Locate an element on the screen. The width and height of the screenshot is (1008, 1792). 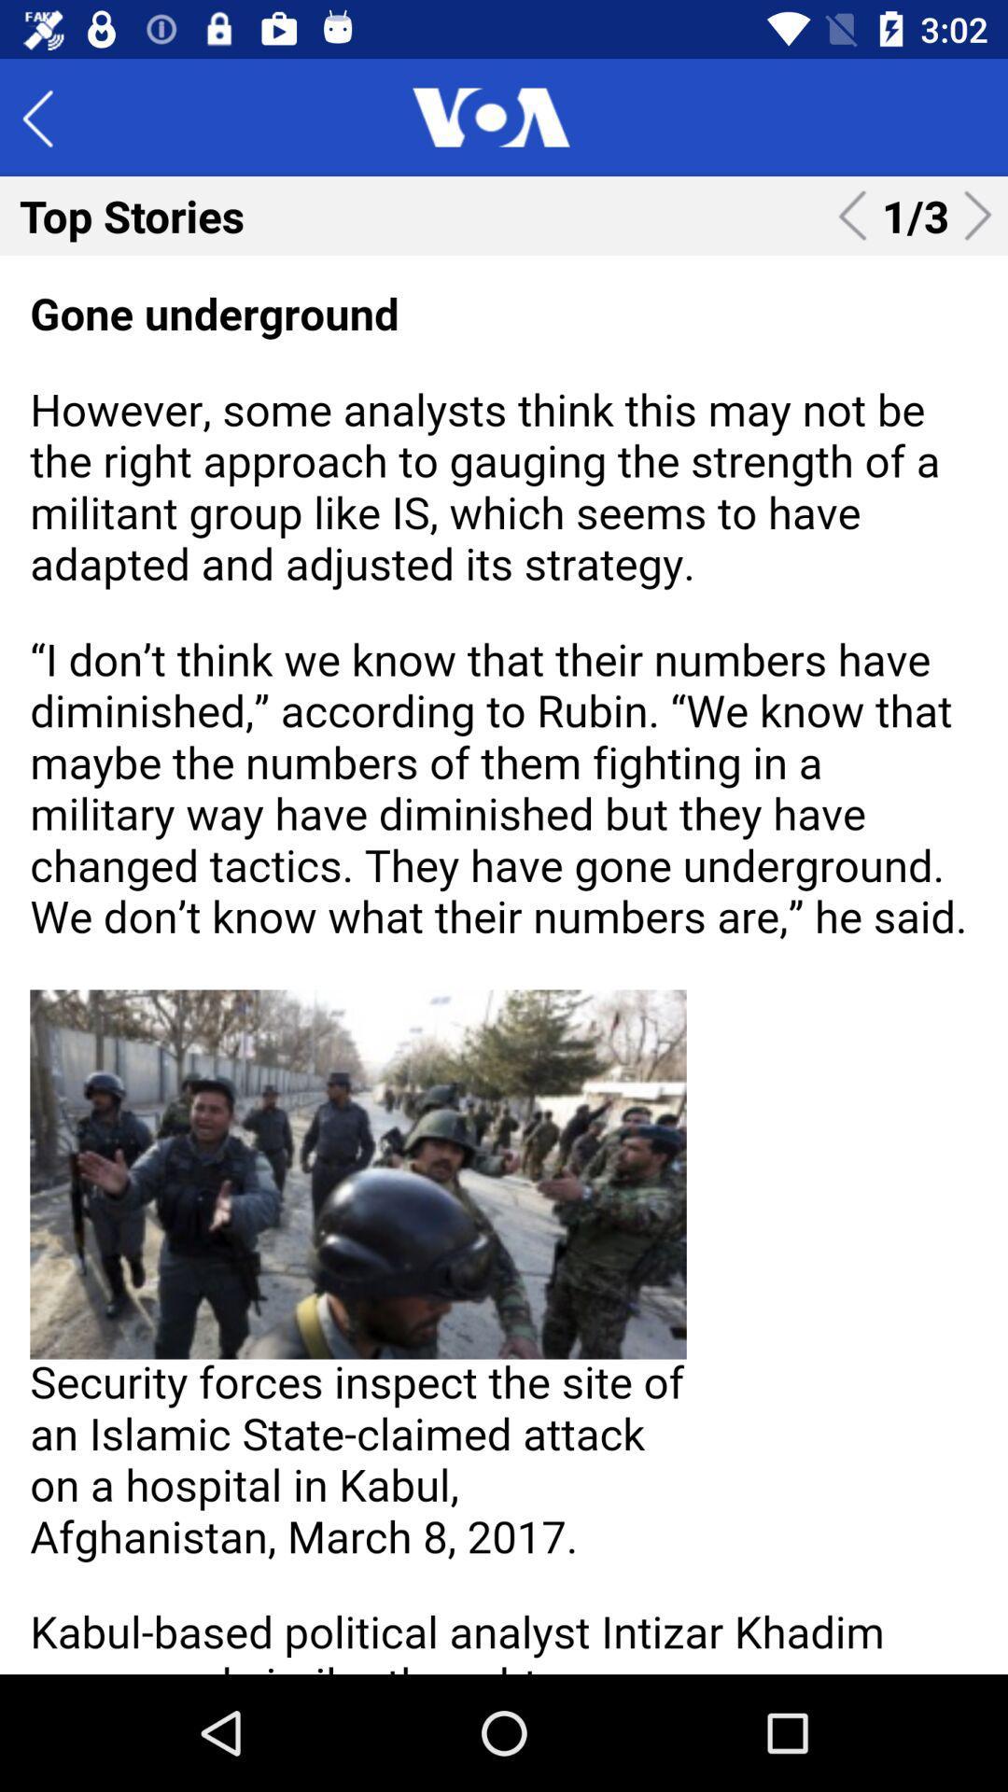
go back is located at coordinates (50, 116).